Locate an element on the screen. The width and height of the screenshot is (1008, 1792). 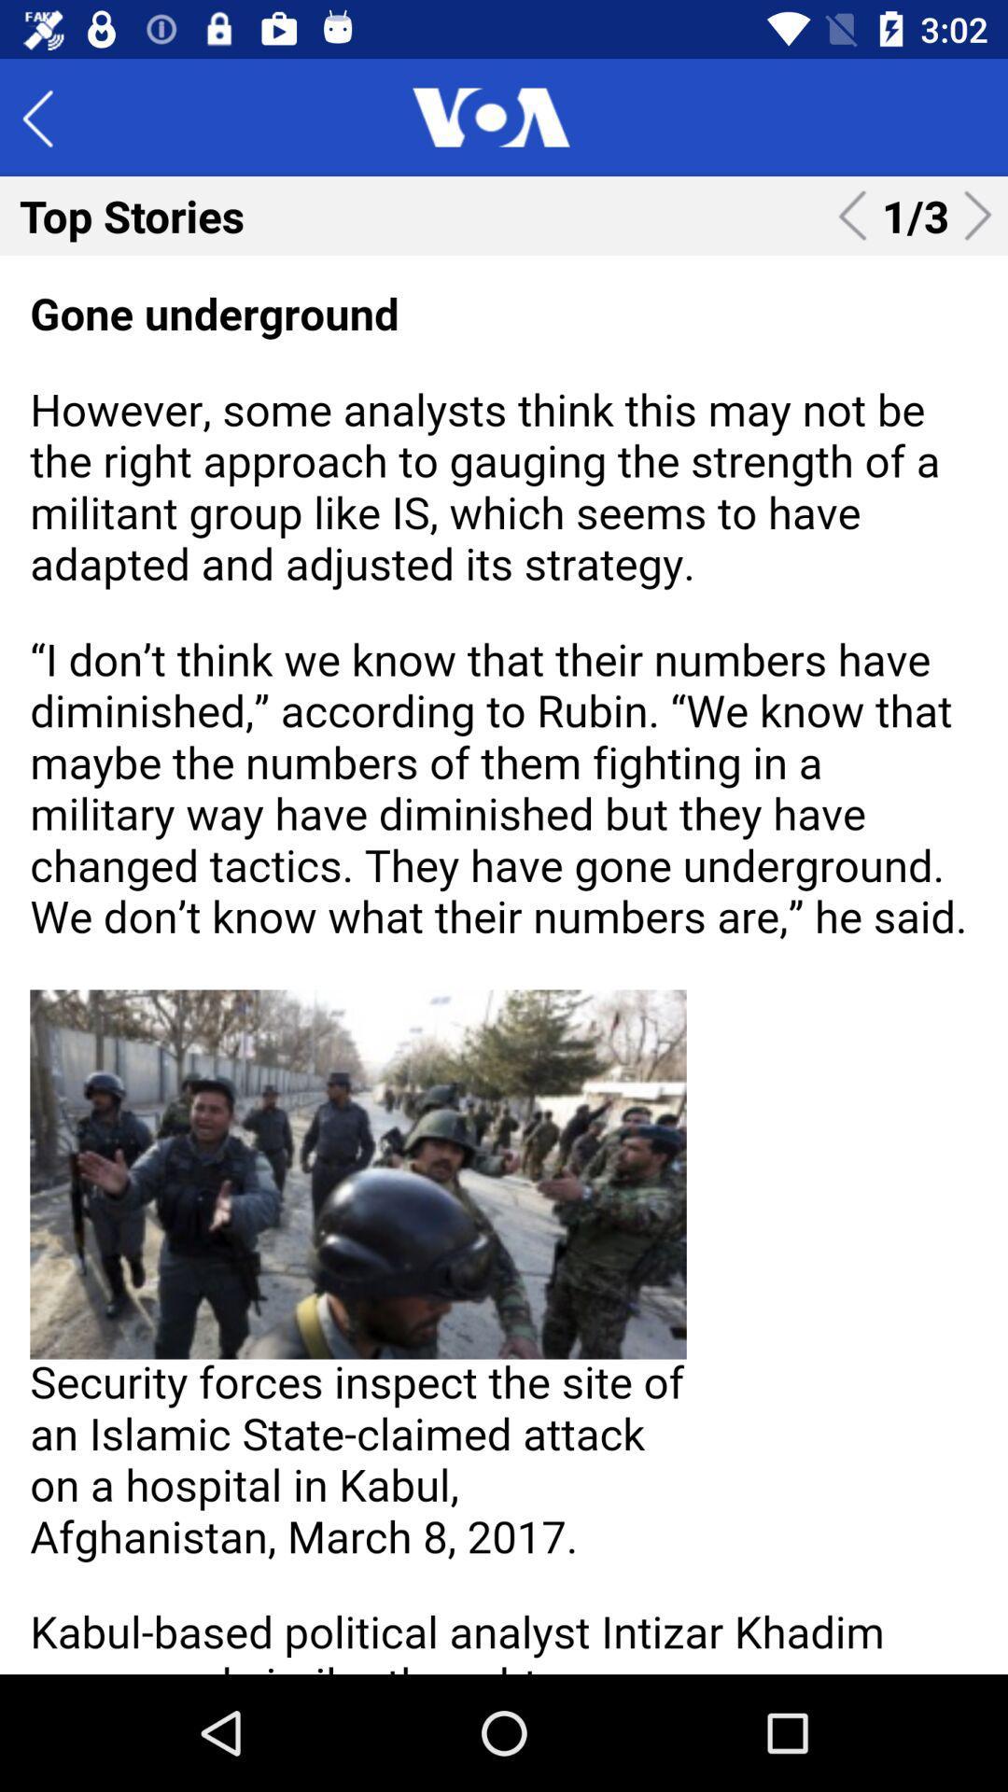
go back is located at coordinates (50, 116).